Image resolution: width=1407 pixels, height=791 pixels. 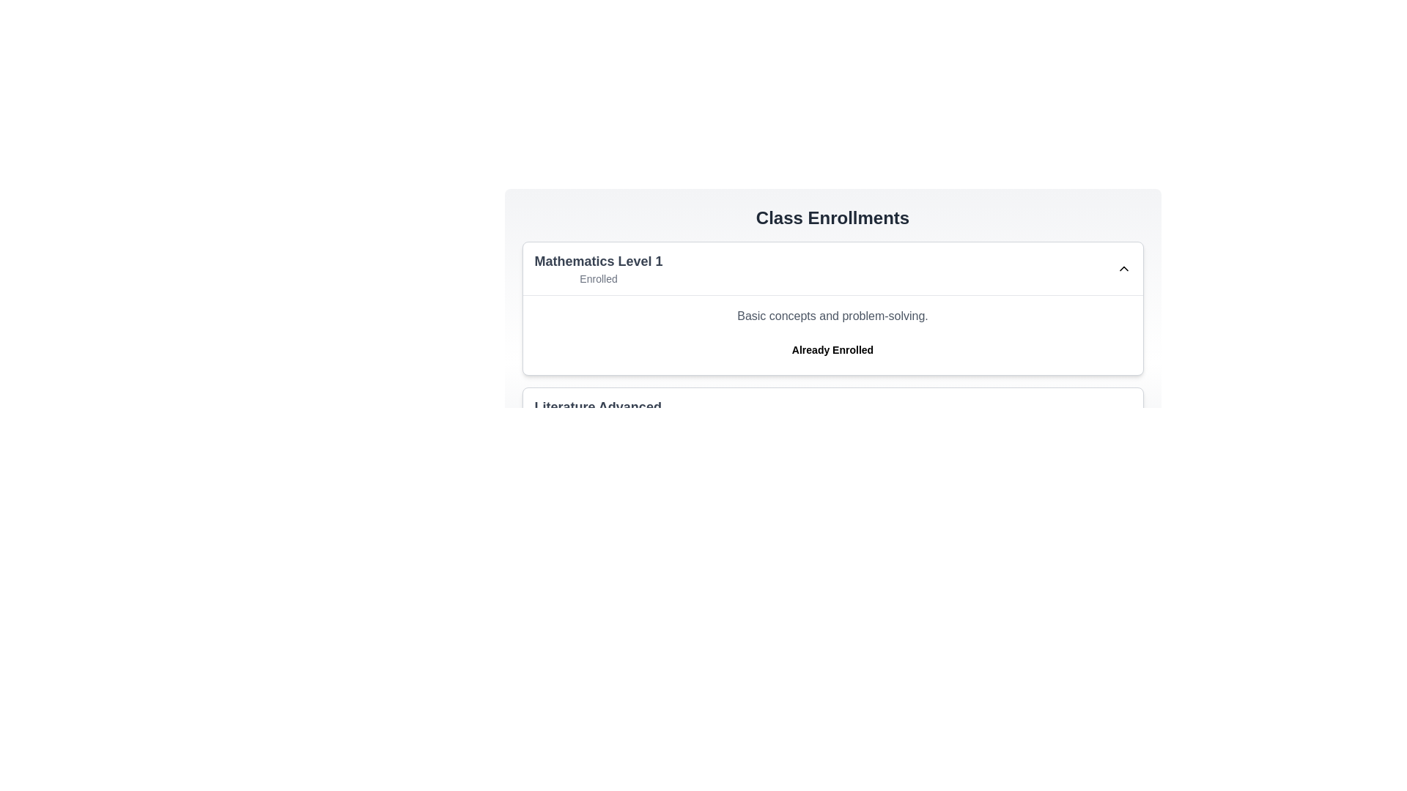 What do you see at coordinates (598, 279) in the screenshot?
I see `the text label indicating the enrollment status for the course 'Mathematics Level 1', located directly beneath the course title` at bounding box center [598, 279].